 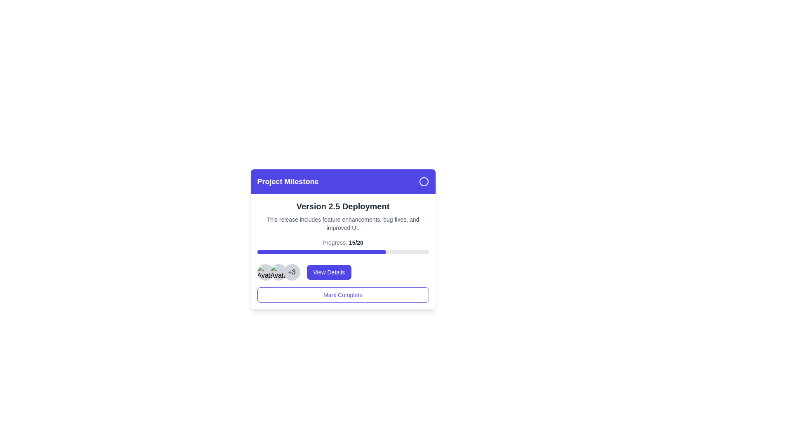 I want to click on the static text displaying '15/20', which is bold and dark gray, located to the right of the label 'Progress:' and above a horizontal progress bar, so click(x=356, y=242).